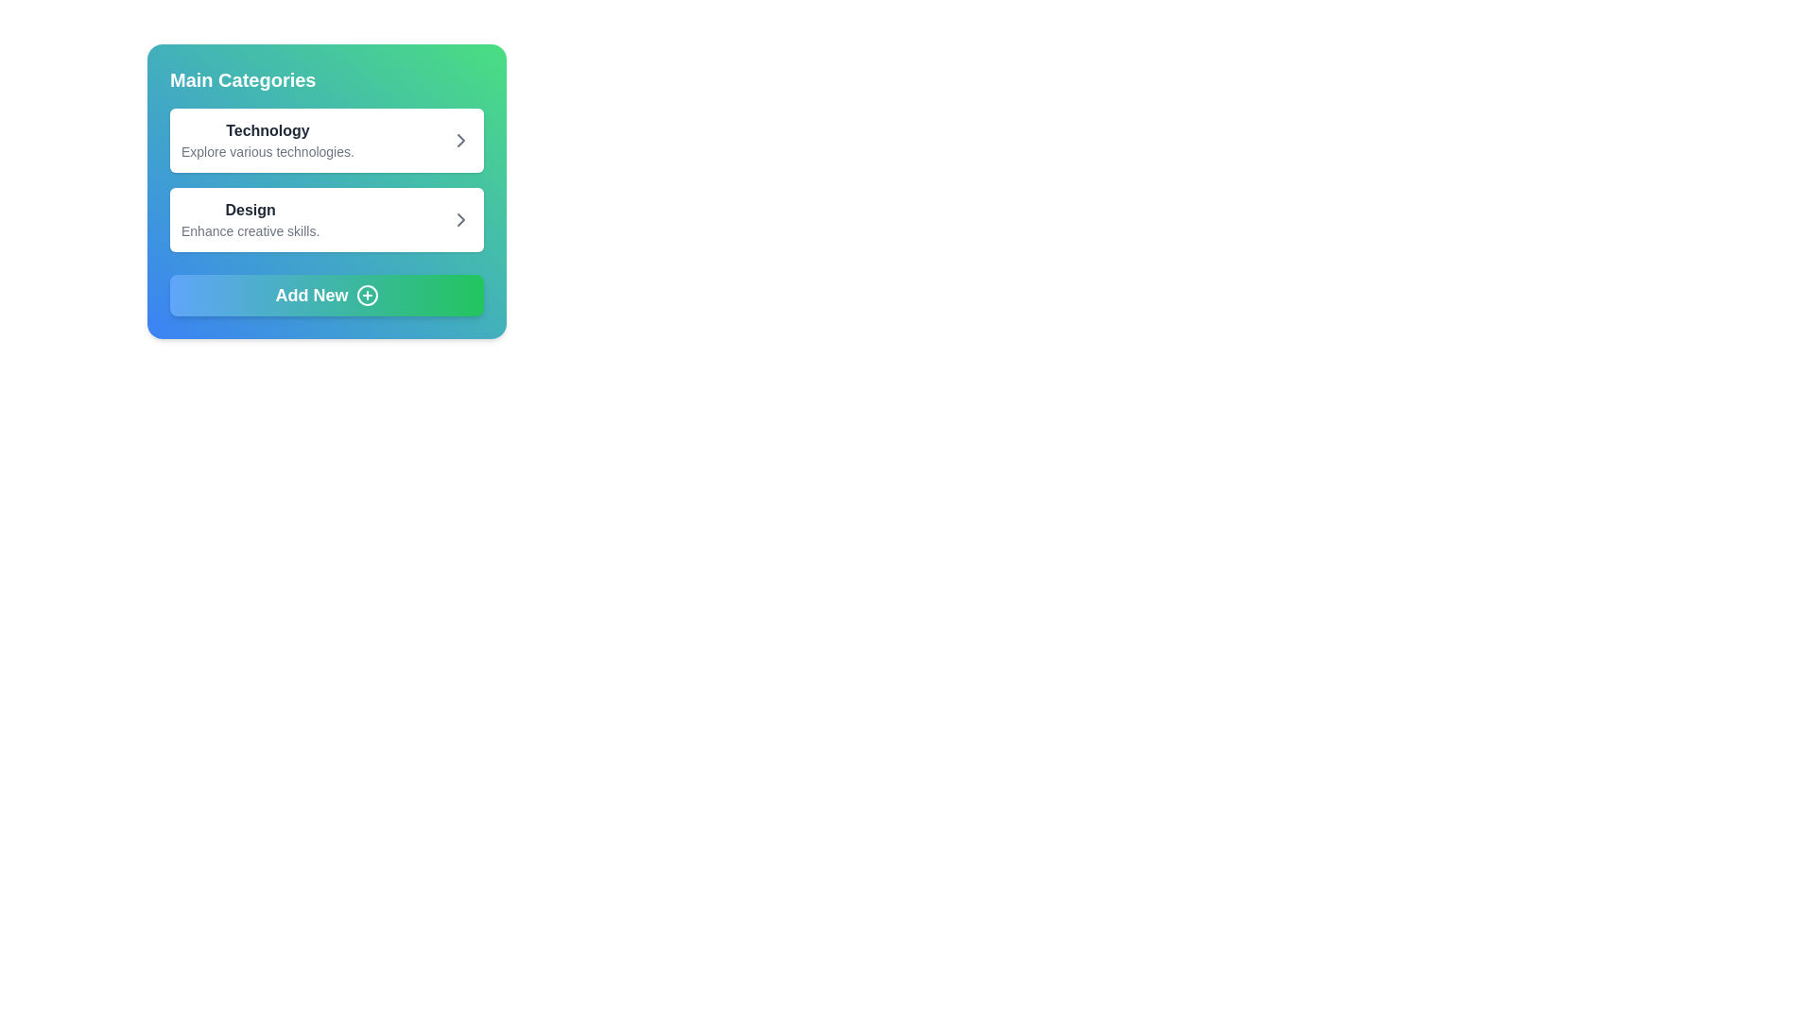 This screenshot has height=1020, width=1815. I want to click on the static text display that provides a brief description under the title 'Design' in the second card of 'Main Categories', so click(250, 230).